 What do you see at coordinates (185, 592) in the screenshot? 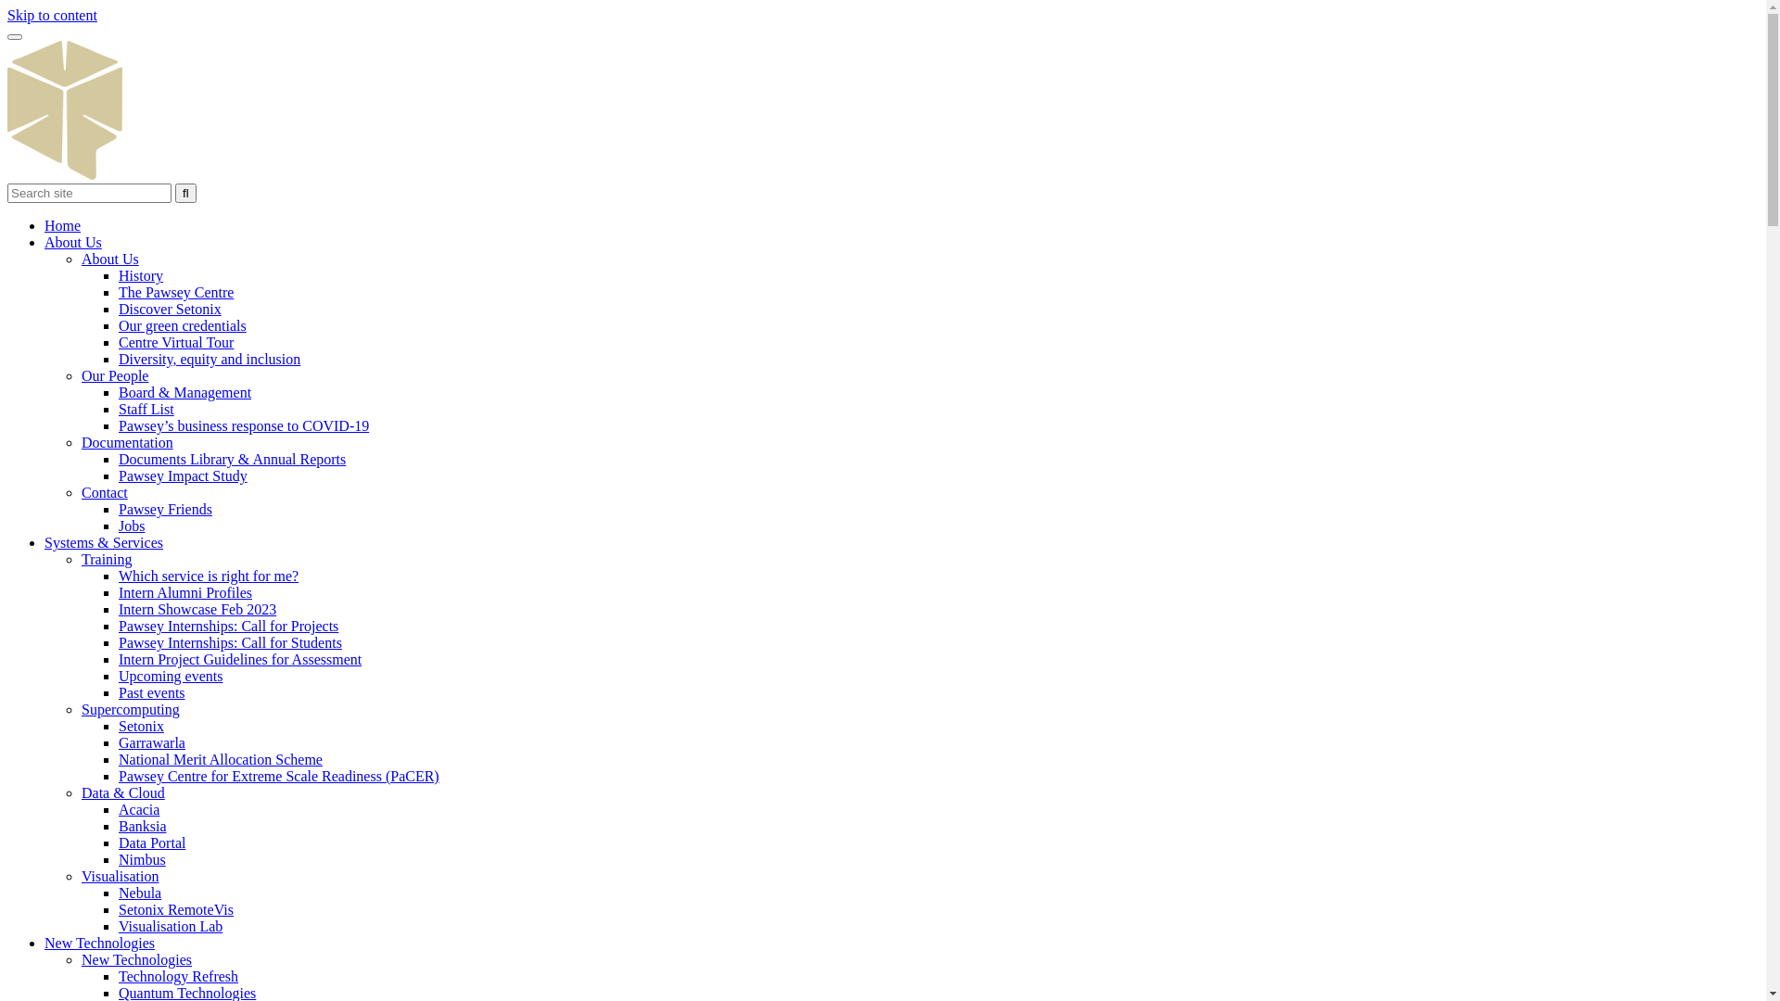
I see `'Intern Alumni Profiles'` at bounding box center [185, 592].